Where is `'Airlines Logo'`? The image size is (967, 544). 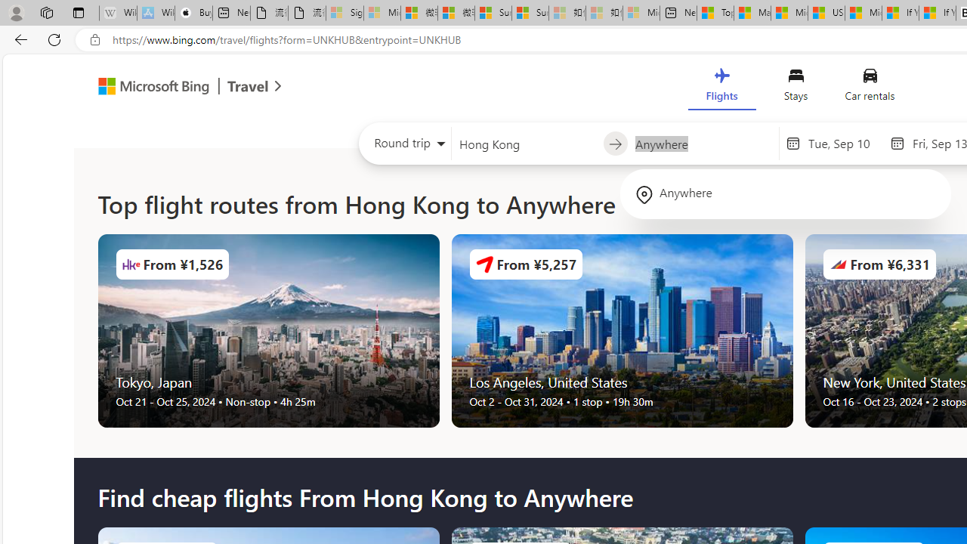
'Airlines Logo' is located at coordinates (837, 263).